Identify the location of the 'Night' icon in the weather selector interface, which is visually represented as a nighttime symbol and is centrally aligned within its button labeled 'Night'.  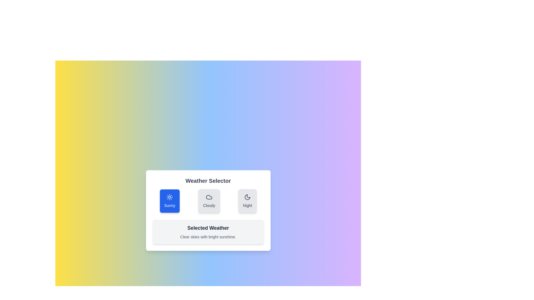
(247, 197).